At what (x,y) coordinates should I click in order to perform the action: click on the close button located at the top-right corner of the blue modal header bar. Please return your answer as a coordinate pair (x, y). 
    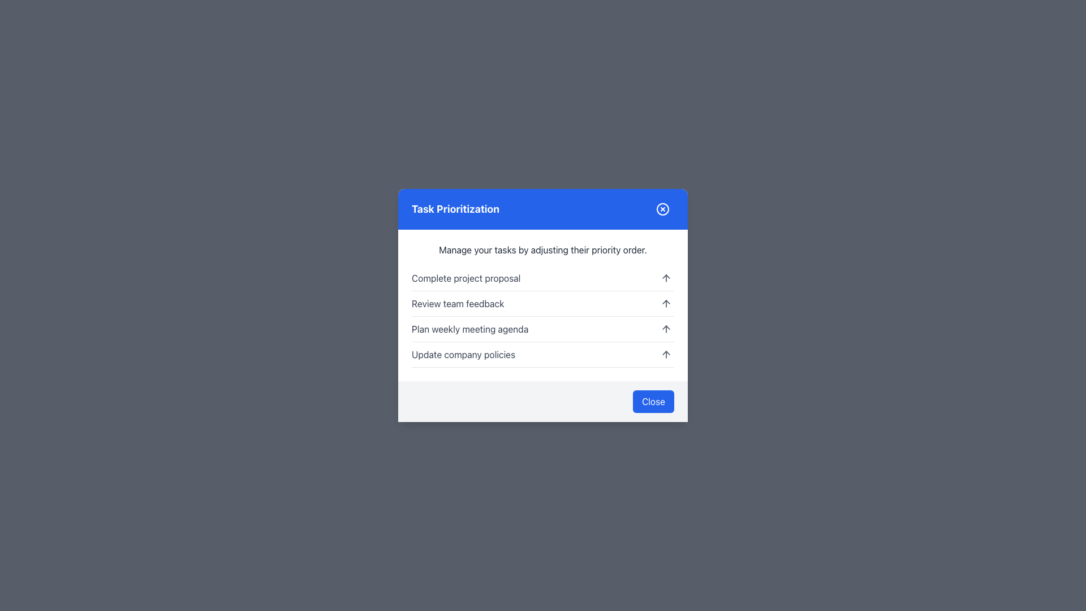
    Looking at the image, I should click on (662, 209).